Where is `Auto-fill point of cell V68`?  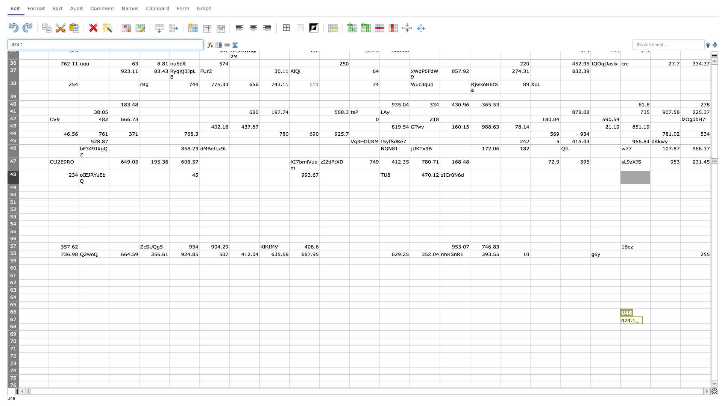
Auto-fill point of cell V68 is located at coordinates (680, 330).